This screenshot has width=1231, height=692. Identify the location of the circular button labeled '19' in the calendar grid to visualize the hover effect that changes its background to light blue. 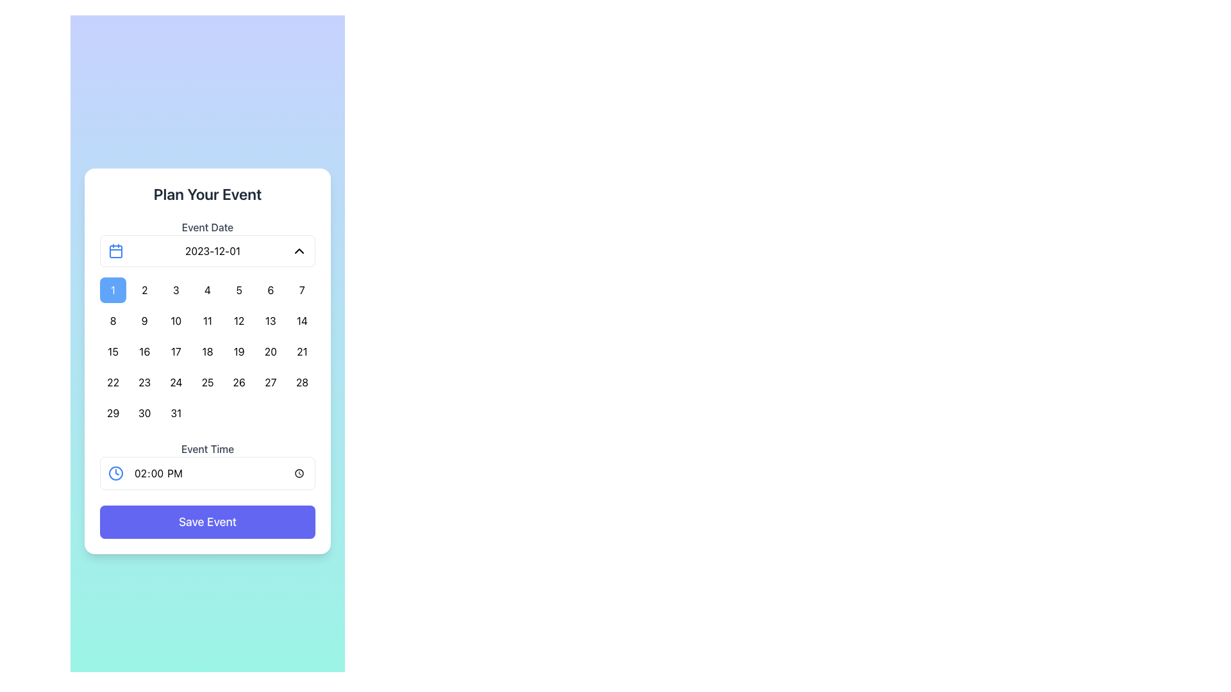
(239, 351).